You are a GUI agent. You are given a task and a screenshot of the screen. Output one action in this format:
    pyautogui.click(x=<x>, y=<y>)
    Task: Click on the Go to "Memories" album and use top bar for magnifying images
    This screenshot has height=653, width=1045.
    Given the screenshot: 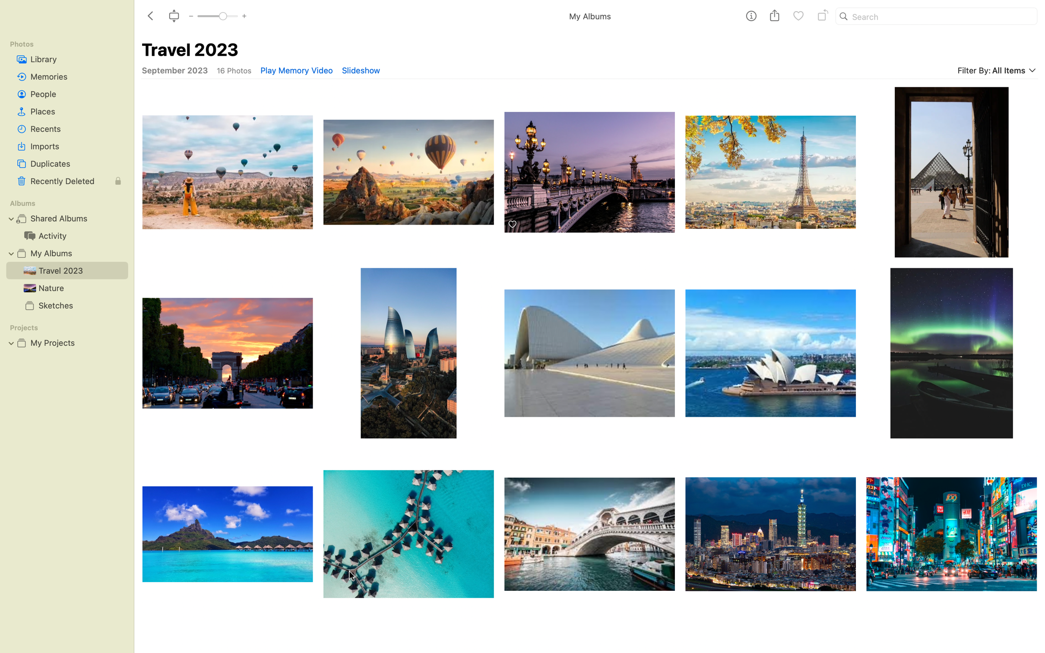 What is the action you would take?
    pyautogui.click(x=66, y=76)
    